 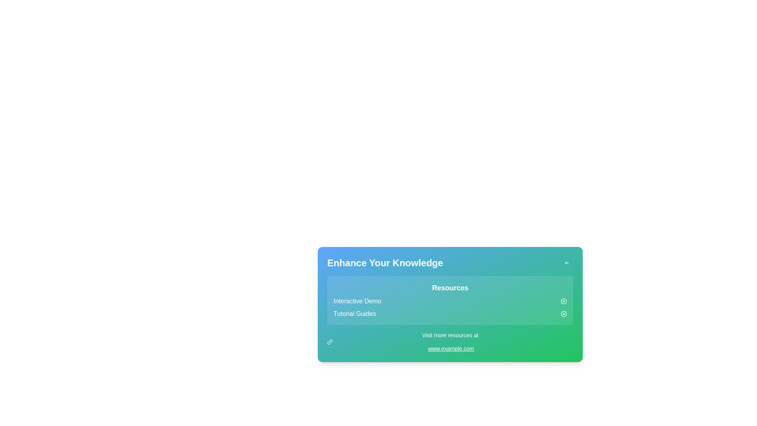 What do you see at coordinates (566, 263) in the screenshot?
I see `the button located at the top-right corner inside the card component titled 'Enhance Your Knowledge'` at bounding box center [566, 263].